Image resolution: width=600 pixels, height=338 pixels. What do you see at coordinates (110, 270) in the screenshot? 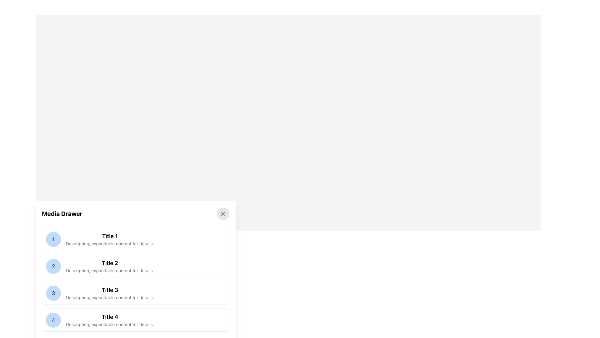
I see `the static text content that provides descriptive information about the section titled 'Title 2', which is the second line of text in that section` at bounding box center [110, 270].